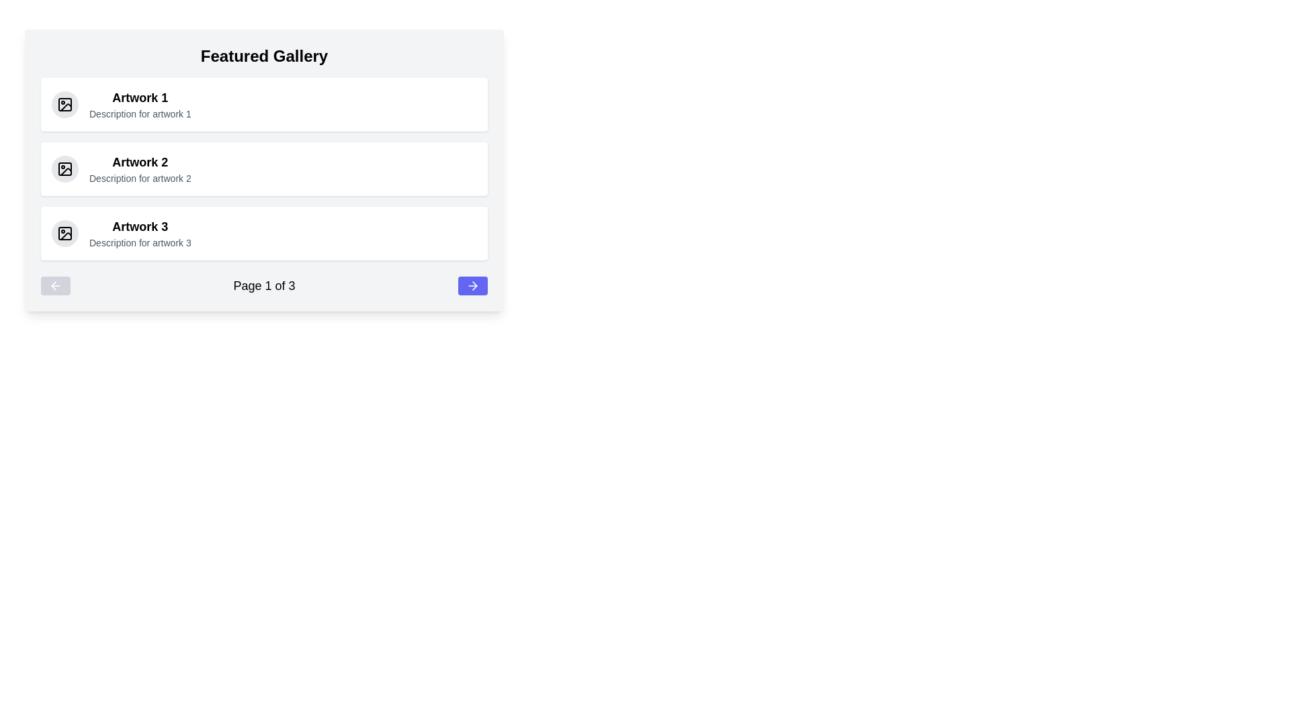  Describe the element at coordinates (264, 103) in the screenshot. I see `the topmost list item in the gallery that displays an artwork's name and description, located beneath the 'Featured Gallery' title` at that location.